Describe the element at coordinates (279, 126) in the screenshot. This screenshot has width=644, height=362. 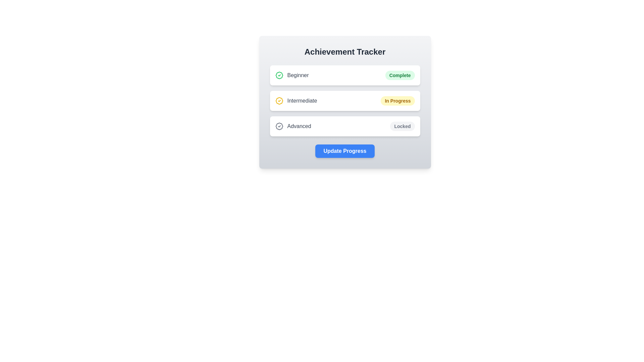
I see `the status indicator badge that visually signifies an achievement related to the 'Advanced' label by moving the cursor to its center` at that location.